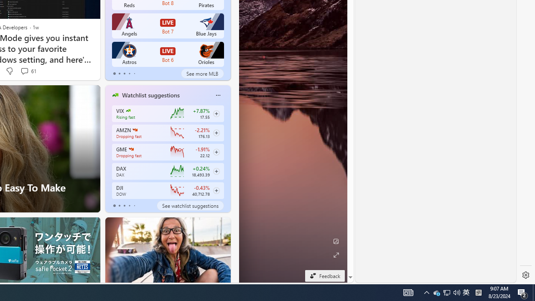 This screenshot has height=301, width=535. Describe the element at coordinates (124, 206) in the screenshot. I see `'tab-2'` at that location.